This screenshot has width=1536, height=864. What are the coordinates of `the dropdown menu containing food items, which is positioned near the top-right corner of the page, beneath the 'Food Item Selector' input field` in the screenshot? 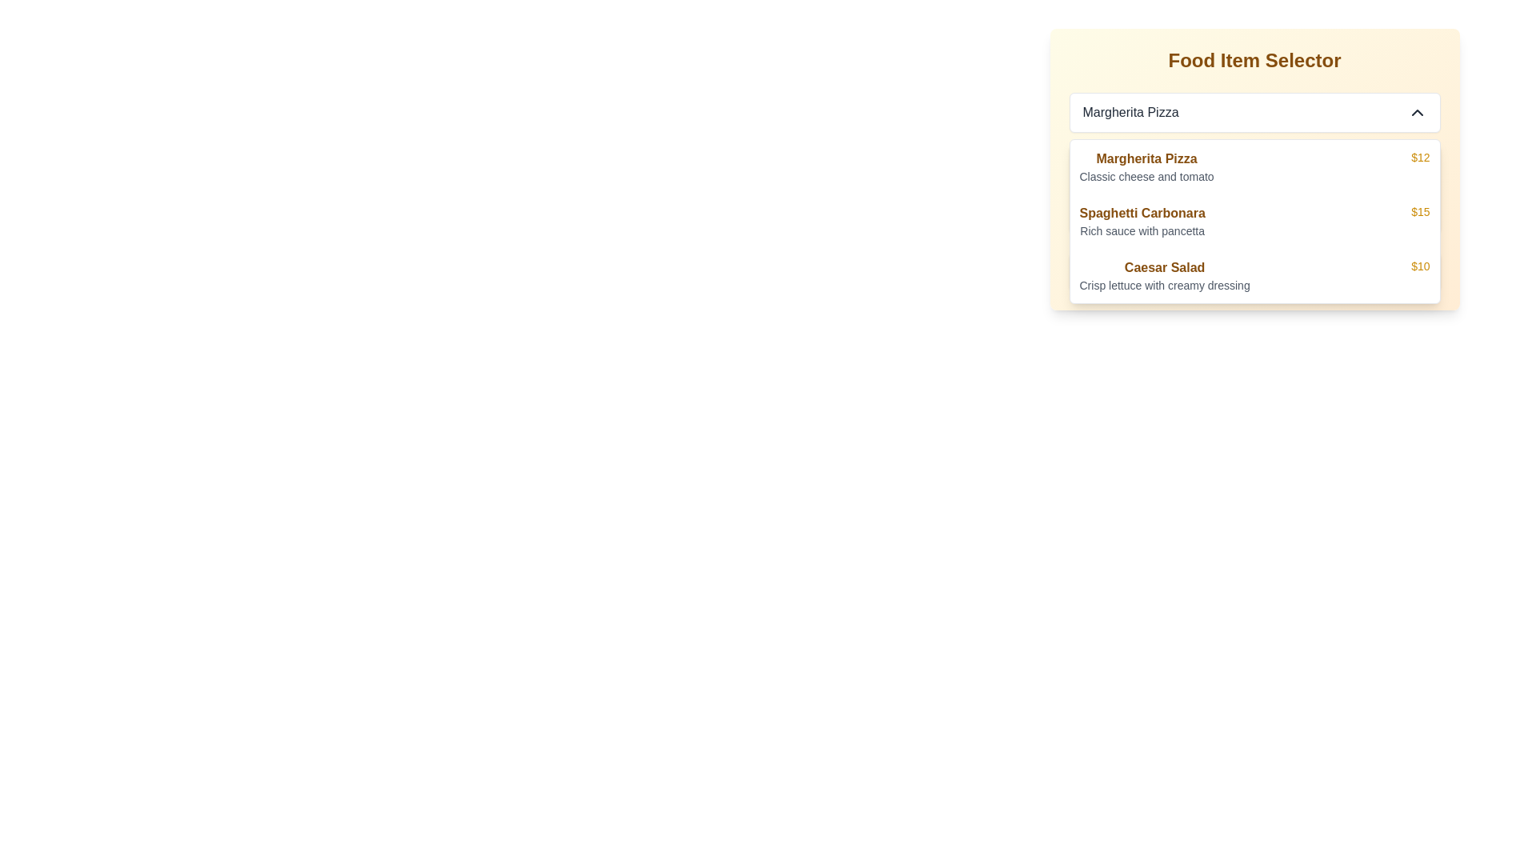 It's located at (1254, 222).